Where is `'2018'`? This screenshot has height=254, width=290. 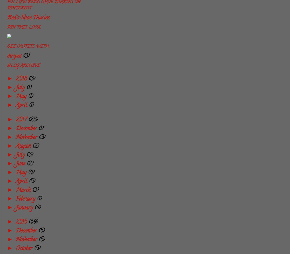 '2018' is located at coordinates (22, 79).